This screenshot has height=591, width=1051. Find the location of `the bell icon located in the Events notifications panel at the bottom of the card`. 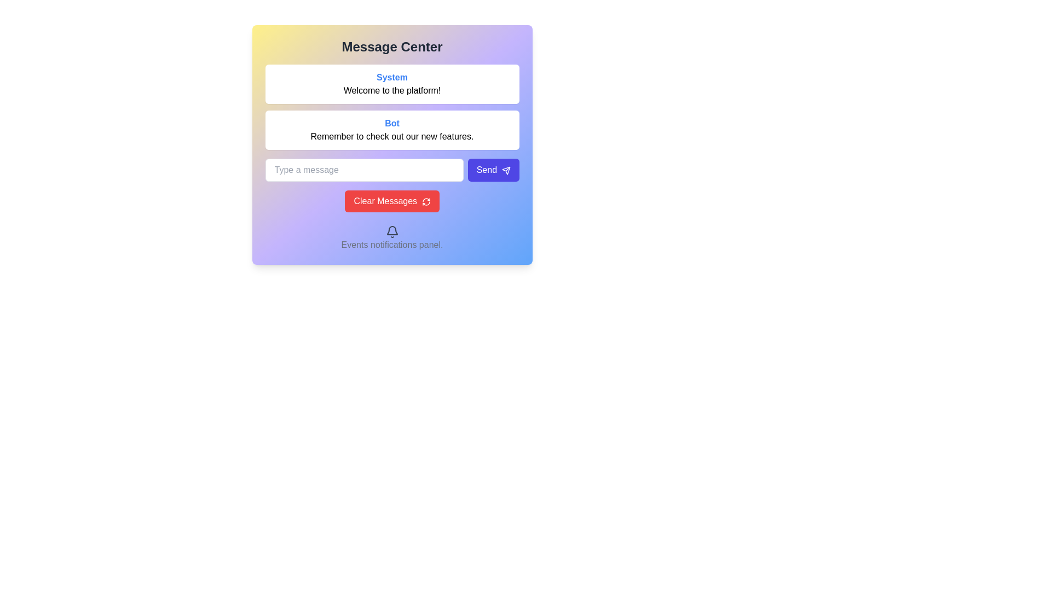

the bell icon located in the Events notifications panel at the bottom of the card is located at coordinates (392, 231).